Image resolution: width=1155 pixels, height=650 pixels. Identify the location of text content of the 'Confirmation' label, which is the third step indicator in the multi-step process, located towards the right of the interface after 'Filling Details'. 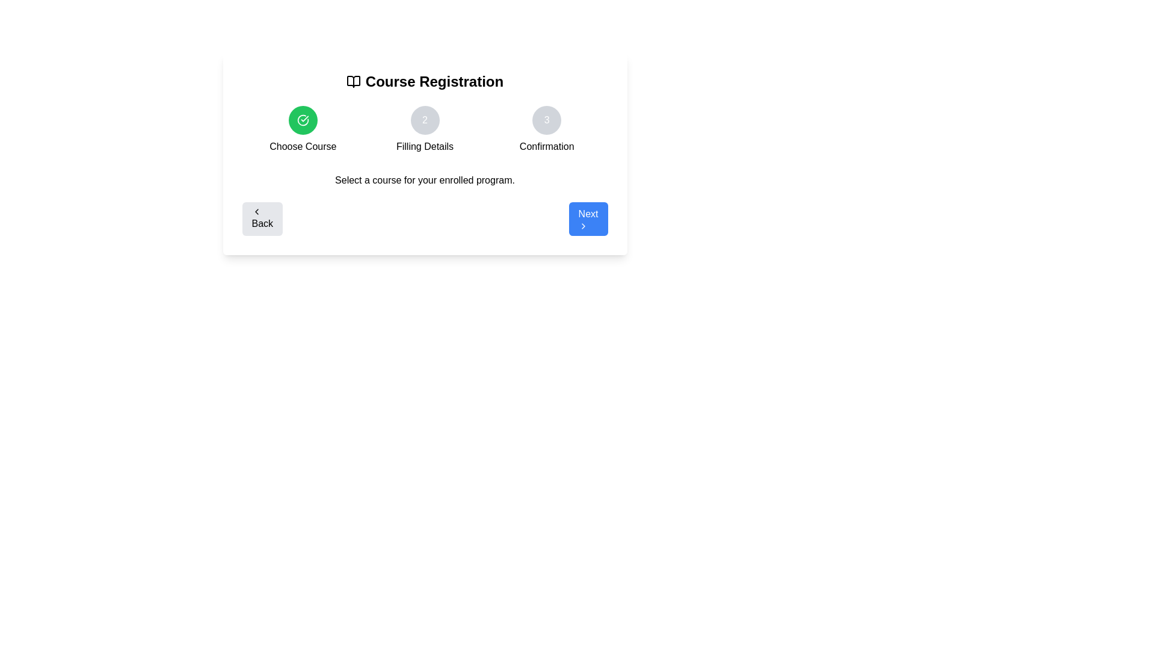
(546, 146).